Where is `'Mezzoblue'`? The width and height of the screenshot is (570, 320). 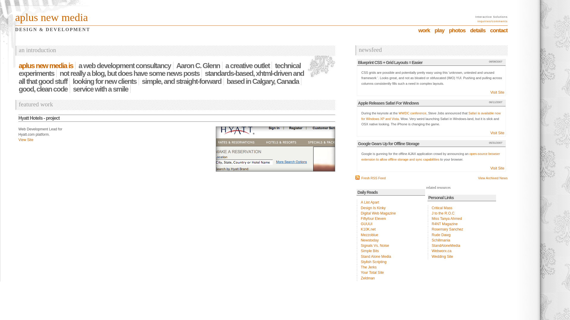 'Mezzoblue' is located at coordinates (391, 235).